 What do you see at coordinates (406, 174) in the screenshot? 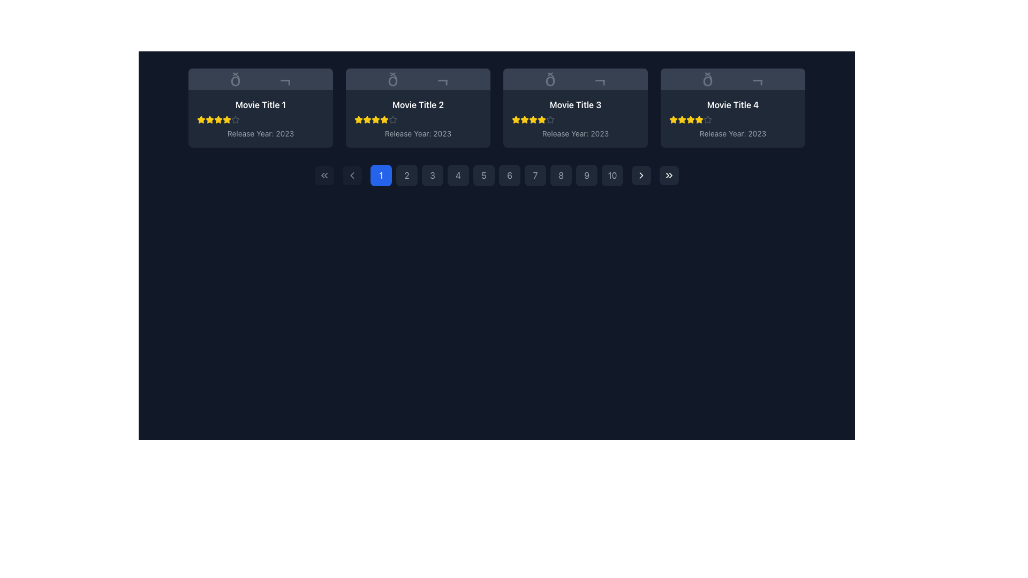
I see `the circular button with the numeral '2'` at bounding box center [406, 174].